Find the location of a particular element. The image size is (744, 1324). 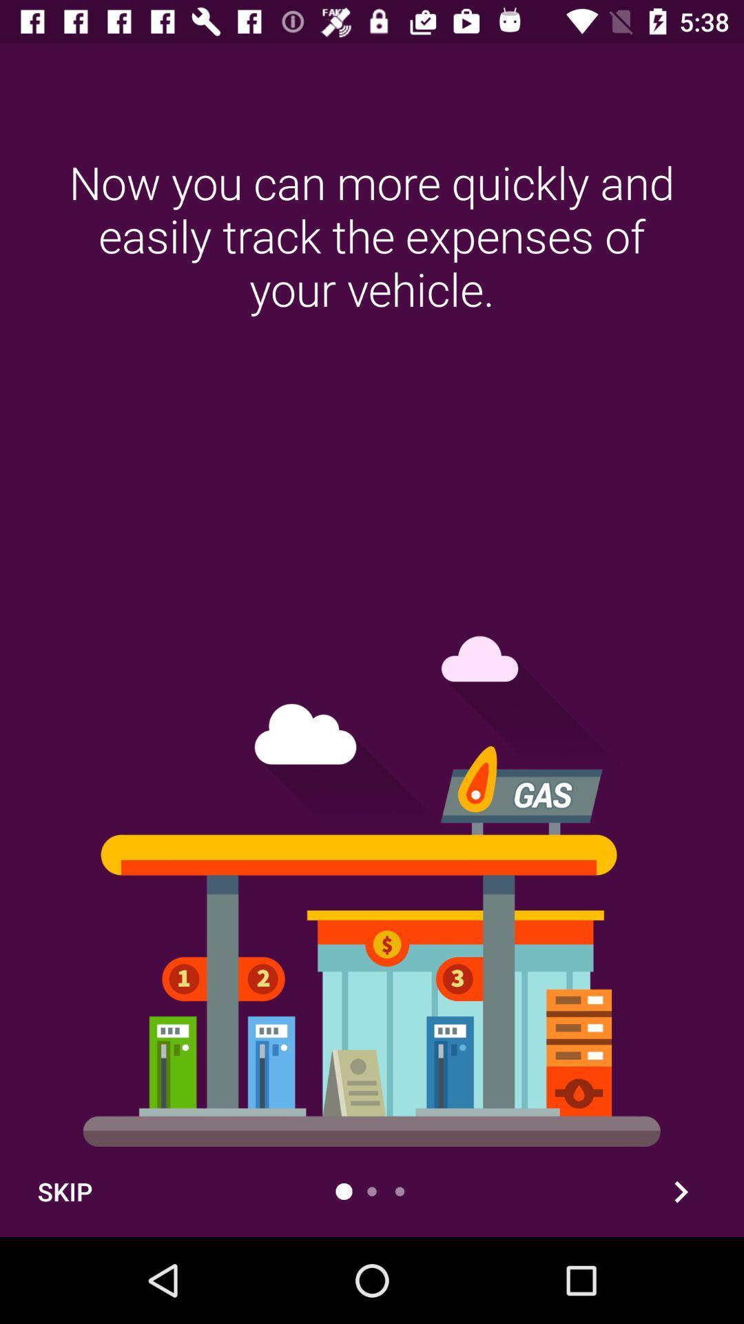

the next is located at coordinates (680, 1191).